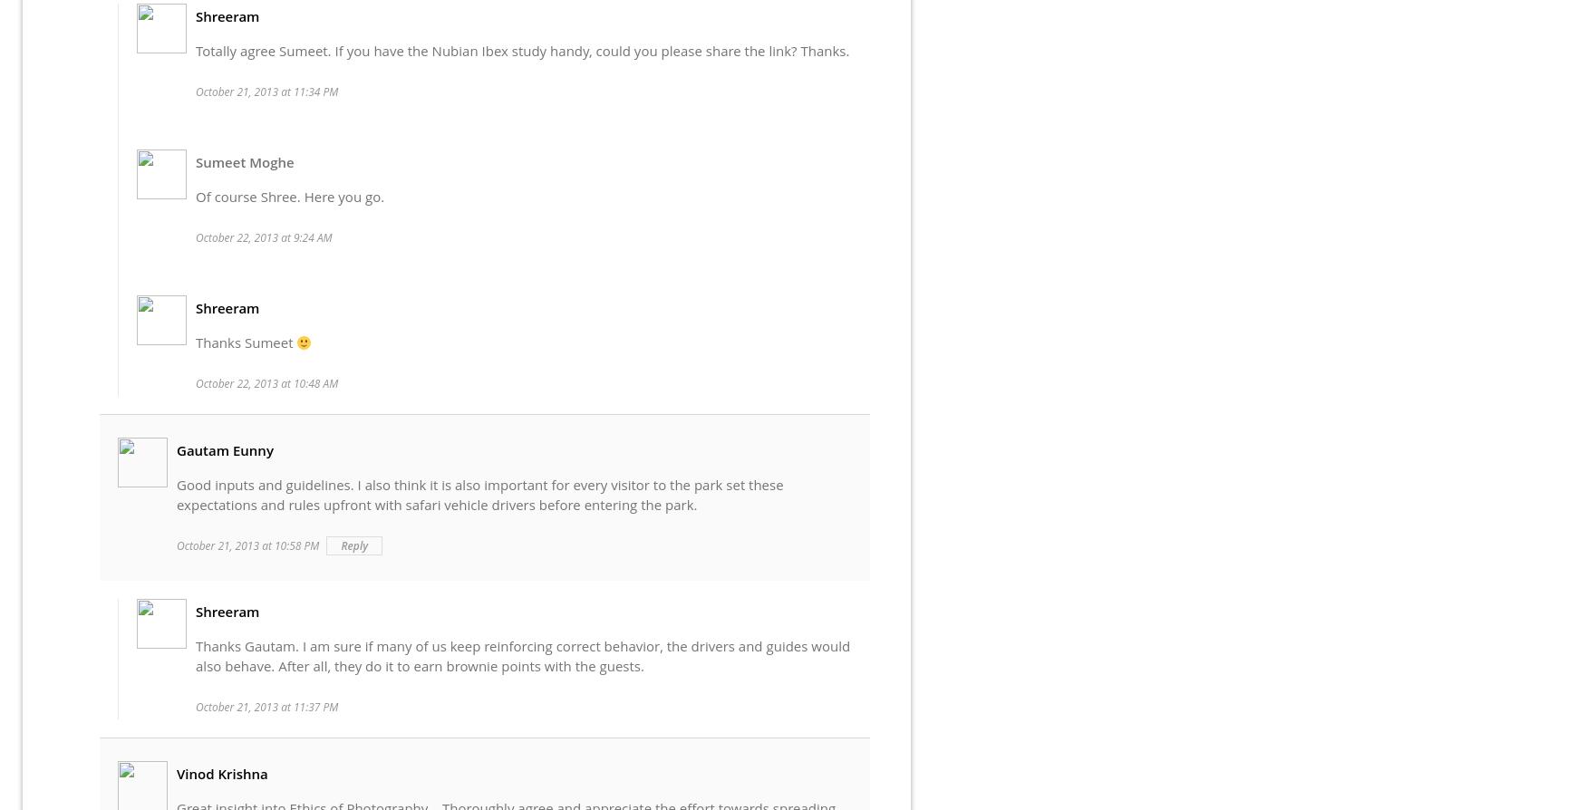 This screenshot has width=1586, height=810. Describe the element at coordinates (244, 161) in the screenshot. I see `'Sumeet Moghe'` at that location.